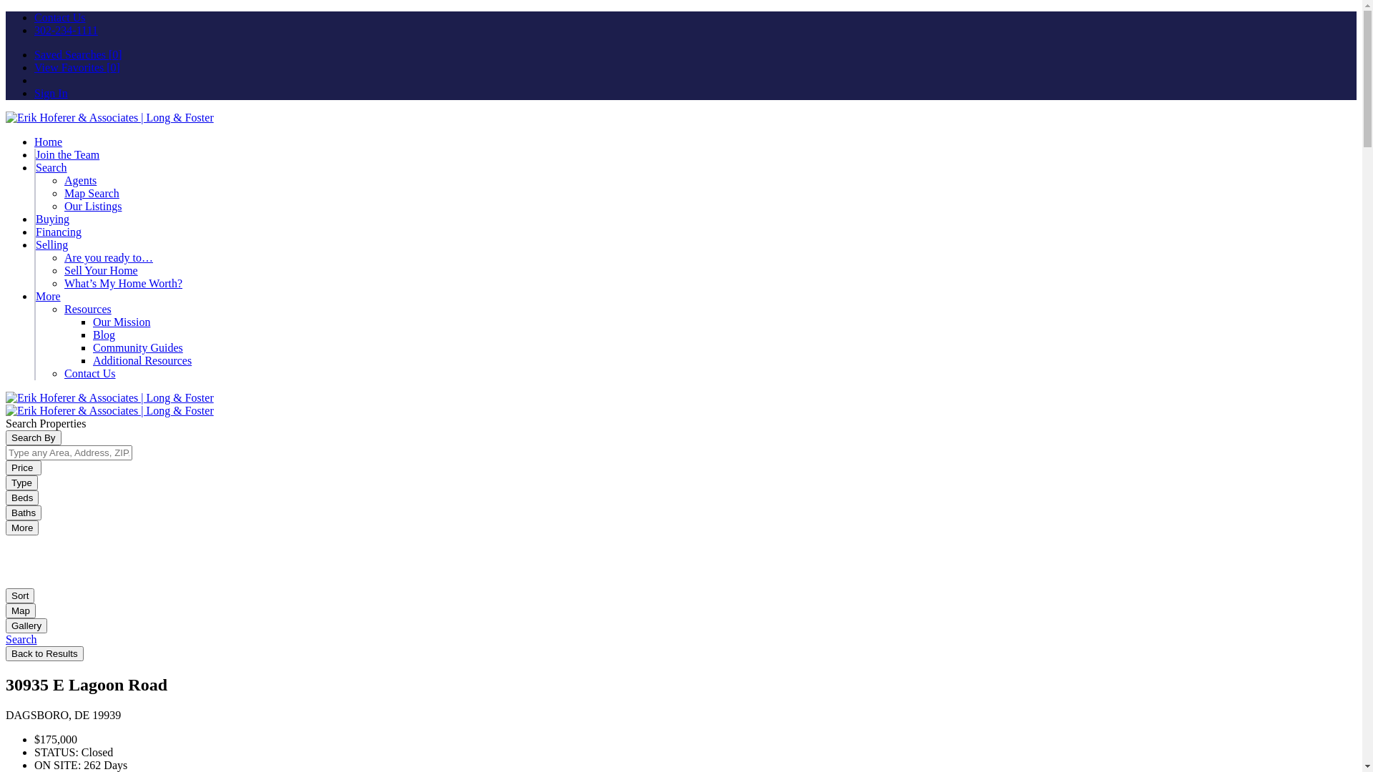 This screenshot has width=1373, height=772. Describe the element at coordinates (137, 347) in the screenshot. I see `'Community Guides'` at that location.